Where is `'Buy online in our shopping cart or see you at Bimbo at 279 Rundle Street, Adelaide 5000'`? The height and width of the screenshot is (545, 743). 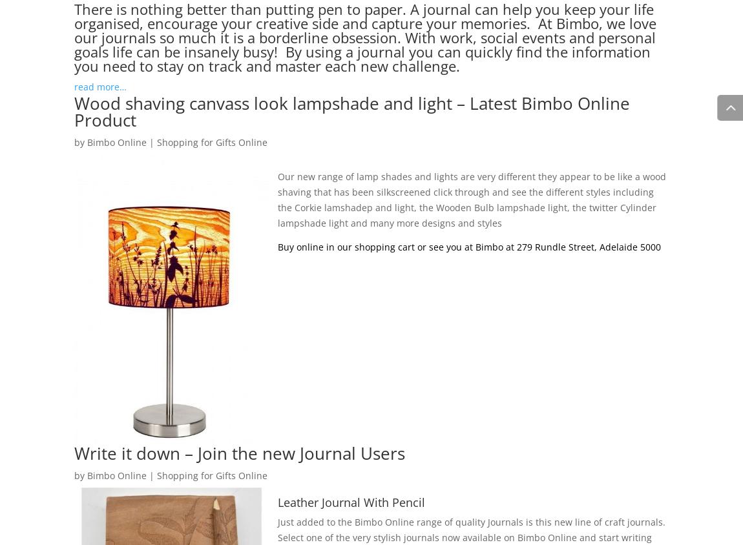 'Buy online in our shopping cart or see you at Bimbo at 279 Rundle Street, Adelaide 5000' is located at coordinates (277, 247).